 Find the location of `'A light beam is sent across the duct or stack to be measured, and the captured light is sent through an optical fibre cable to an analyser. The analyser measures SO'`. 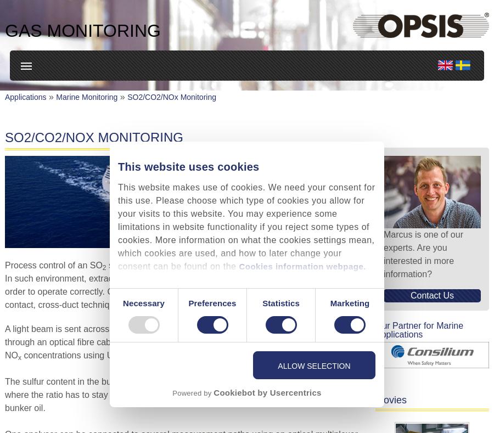

'A light beam is sent across the duct or stack to be measured, and the captured light is sent through an optical fibre cable to an analyser. The analyser measures SO' is located at coordinates (180, 335).